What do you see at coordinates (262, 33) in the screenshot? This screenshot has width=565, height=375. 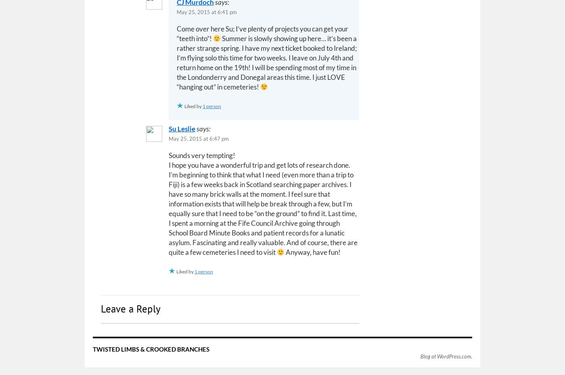 I see `'Come over here Su; I’ve plenty of projects you can get your “teeth into”!'` at bounding box center [262, 33].